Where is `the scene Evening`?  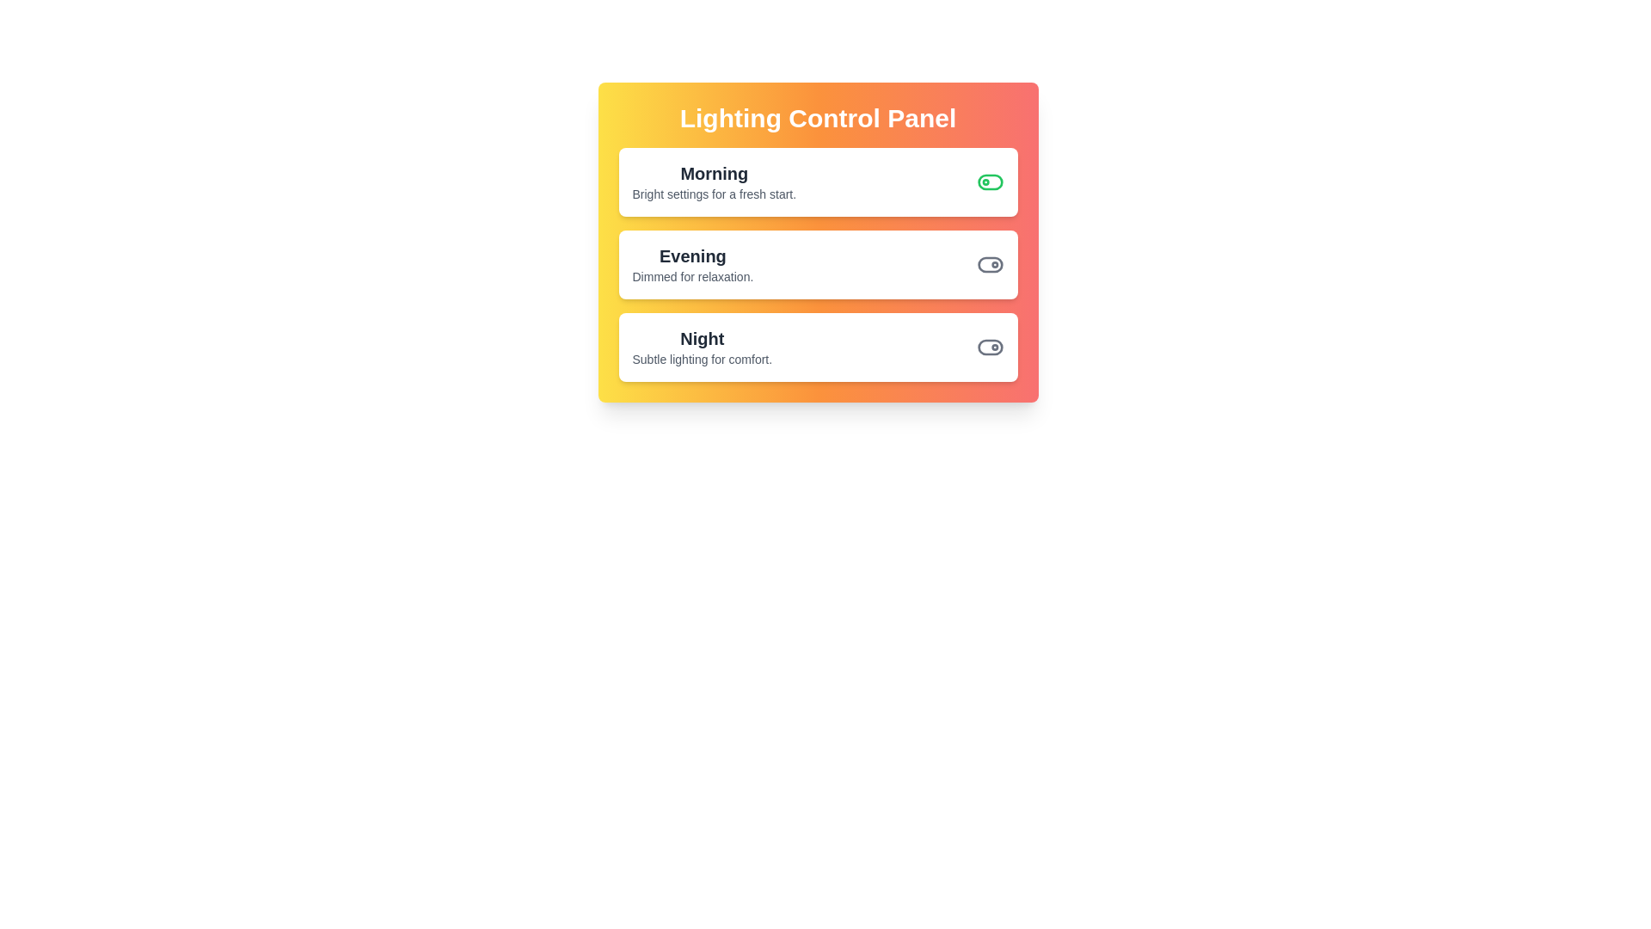
the scene Evening is located at coordinates (990, 265).